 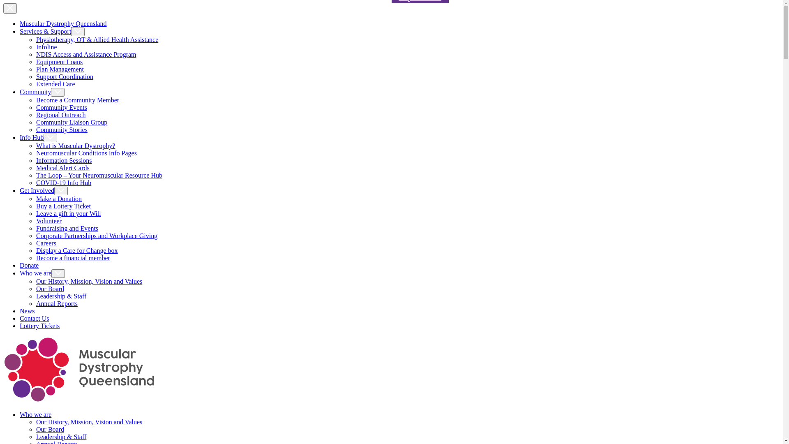 What do you see at coordinates (60, 115) in the screenshot?
I see `'Regional Outreach'` at bounding box center [60, 115].